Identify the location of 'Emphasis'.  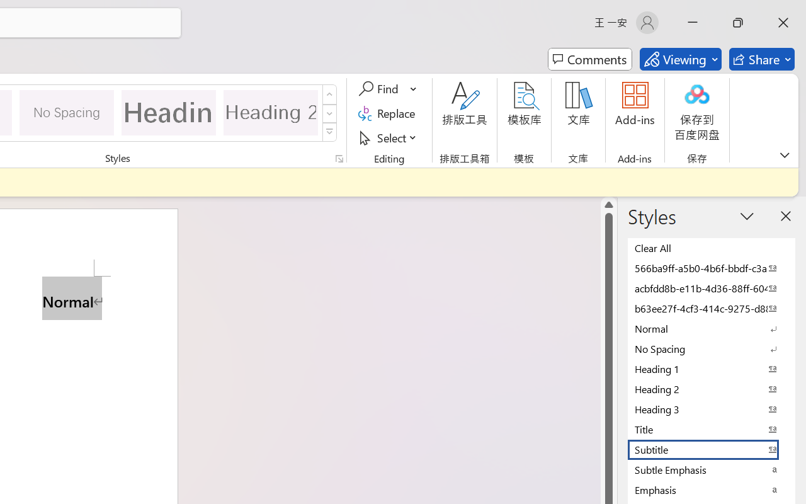
(712, 489).